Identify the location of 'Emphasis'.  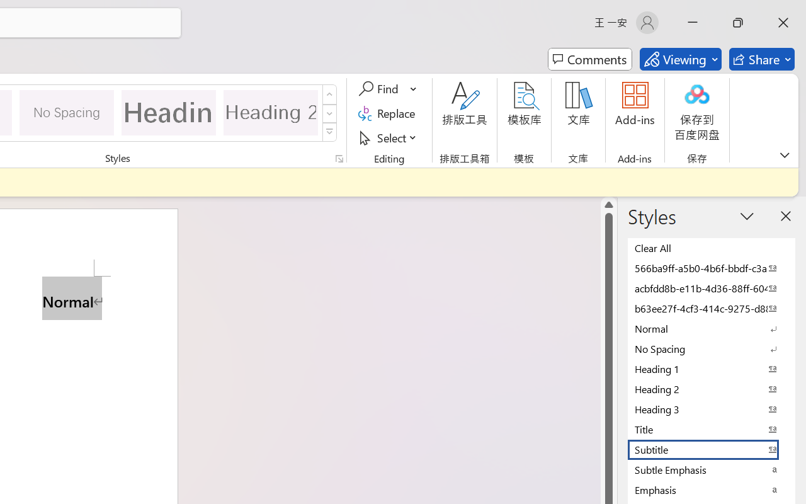
(712, 489).